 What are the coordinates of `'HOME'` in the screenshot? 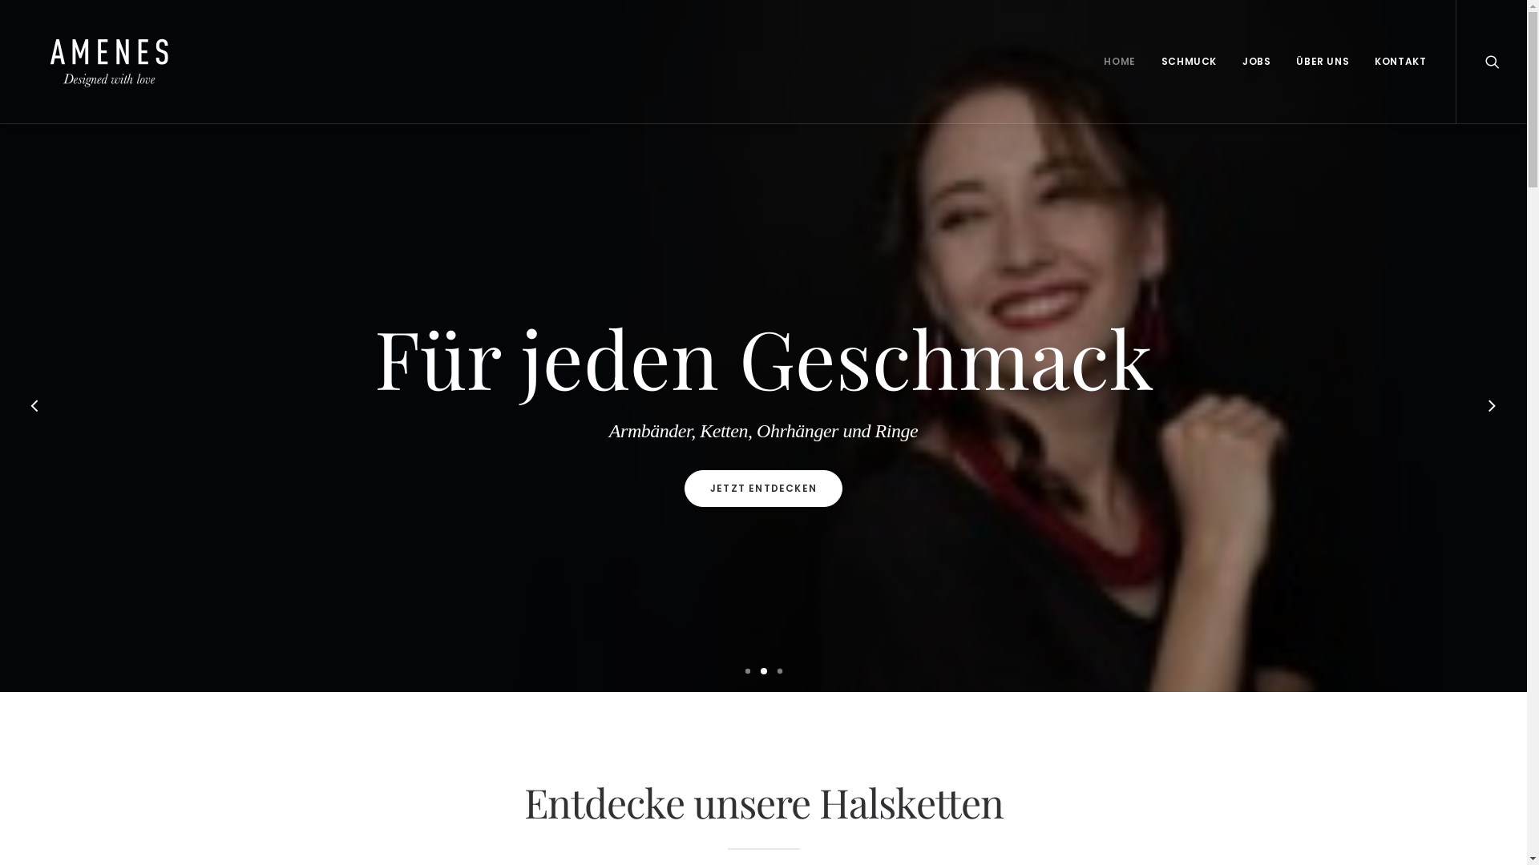 It's located at (1092, 61).